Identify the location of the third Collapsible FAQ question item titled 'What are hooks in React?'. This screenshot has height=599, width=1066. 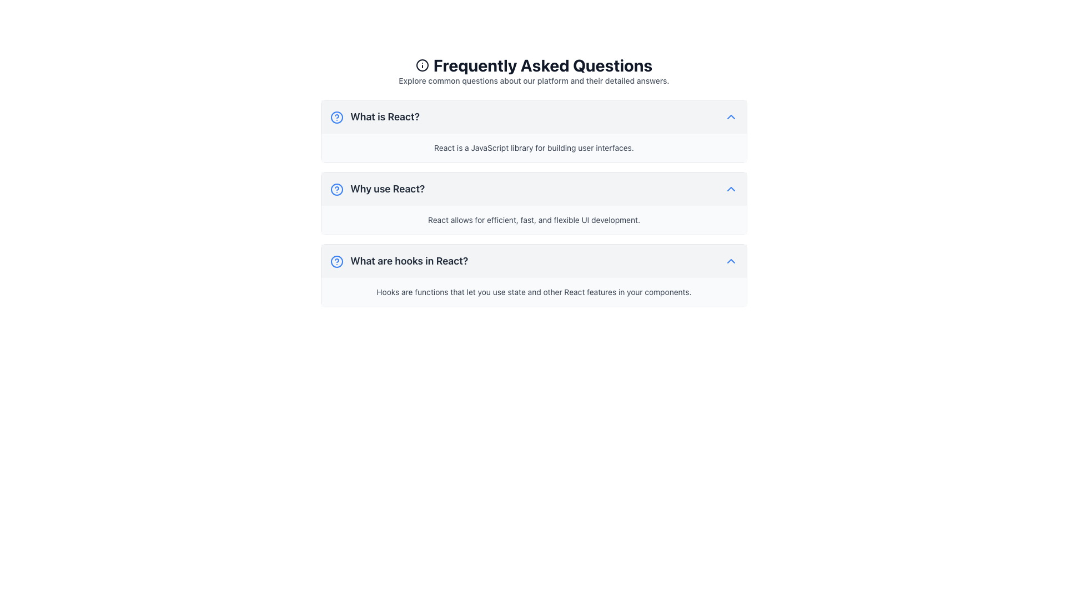
(534, 261).